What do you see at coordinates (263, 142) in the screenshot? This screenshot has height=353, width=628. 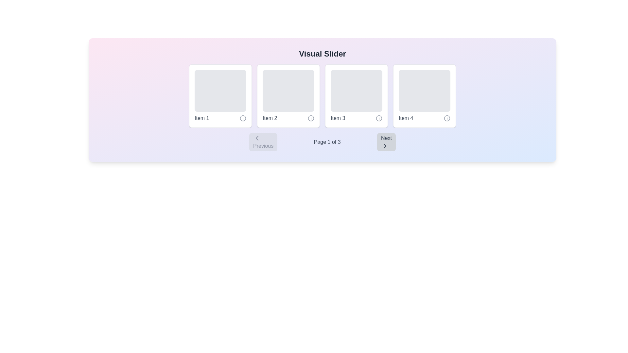 I see `the disabled button for navigating to the previous page in the pagination sequence` at bounding box center [263, 142].